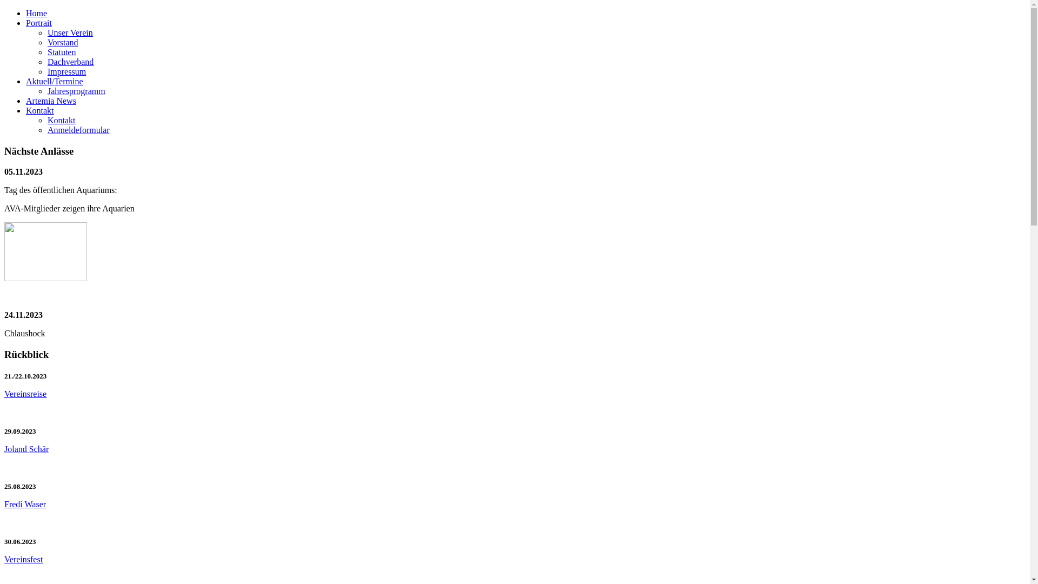 The width and height of the screenshot is (1038, 584). I want to click on 'Vereinsfest', so click(23, 559).